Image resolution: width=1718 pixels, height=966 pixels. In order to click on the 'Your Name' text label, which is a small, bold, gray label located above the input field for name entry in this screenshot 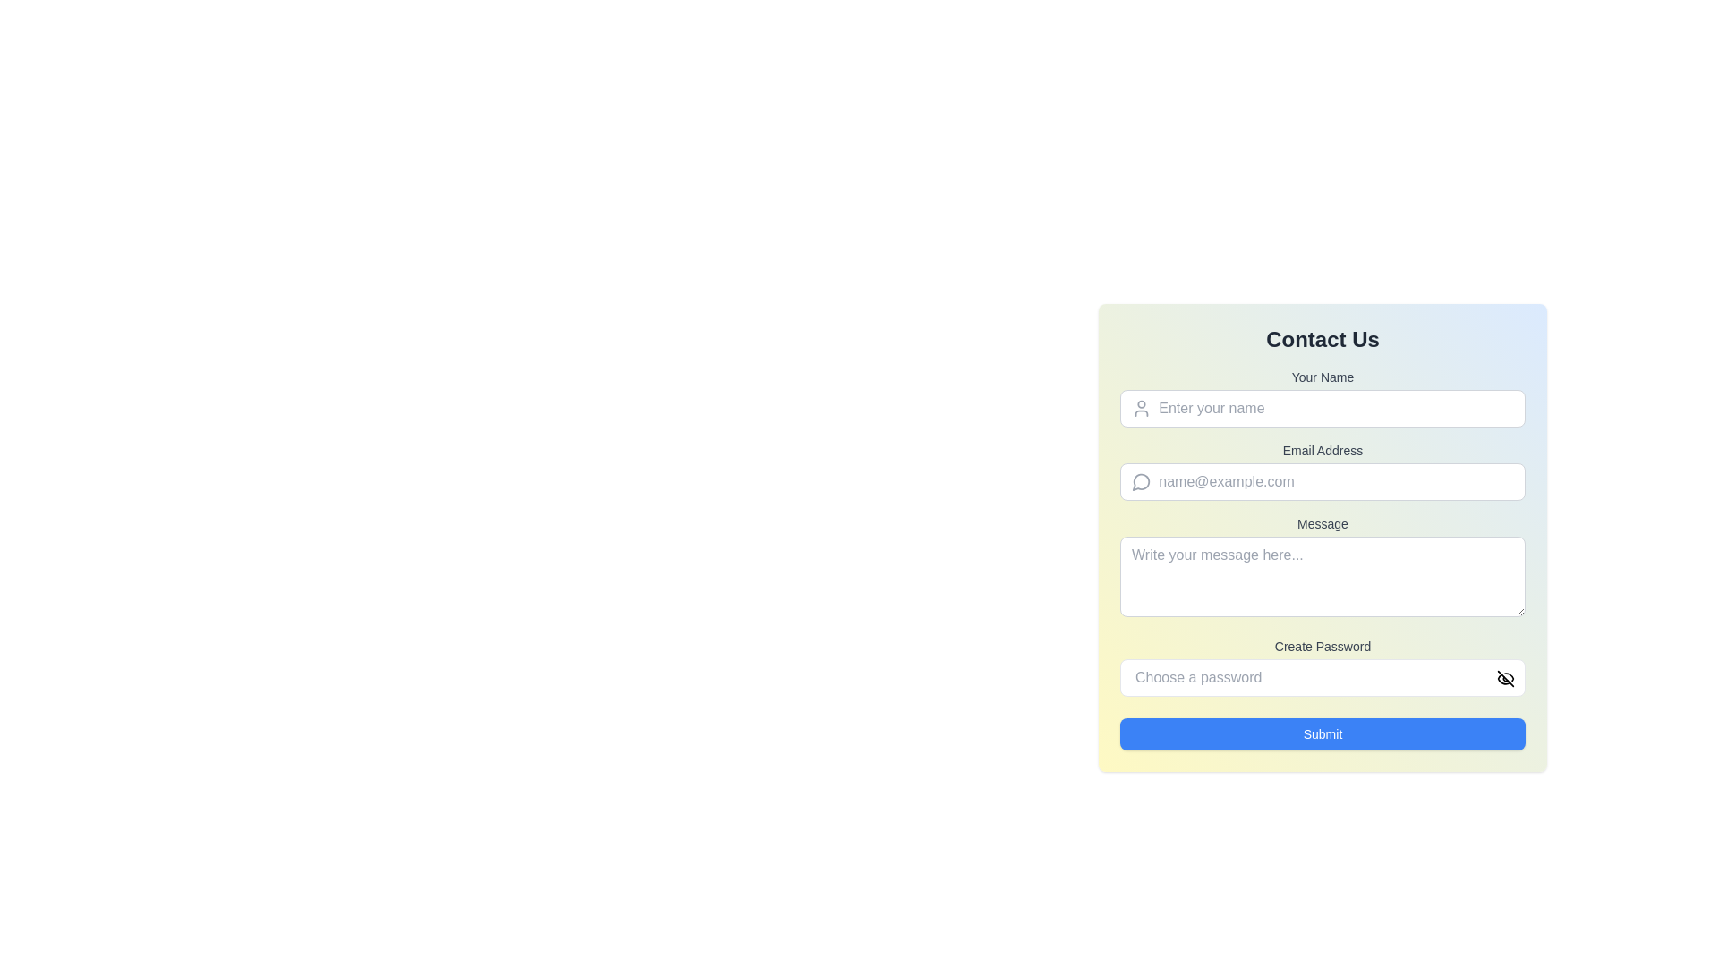, I will do `click(1323, 376)`.